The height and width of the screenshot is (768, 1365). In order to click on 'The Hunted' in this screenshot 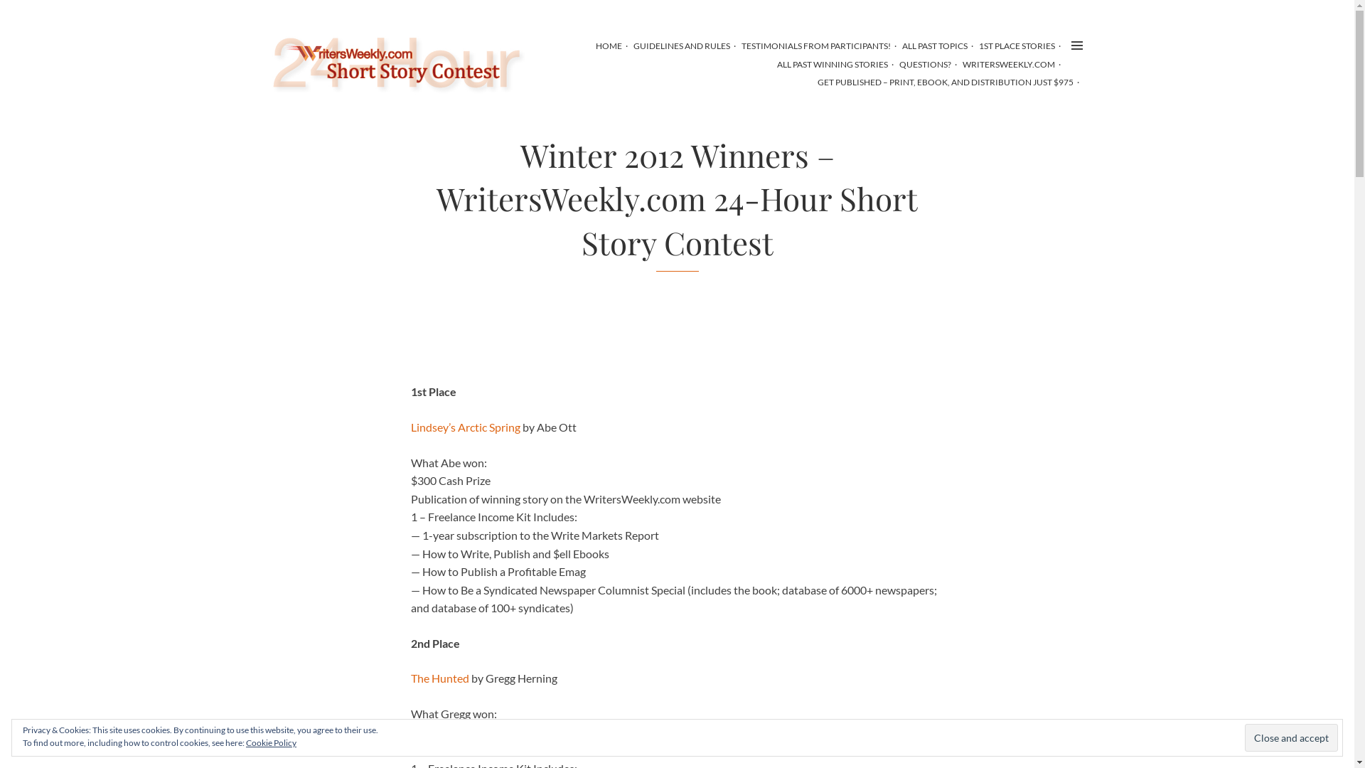, I will do `click(439, 677)`.